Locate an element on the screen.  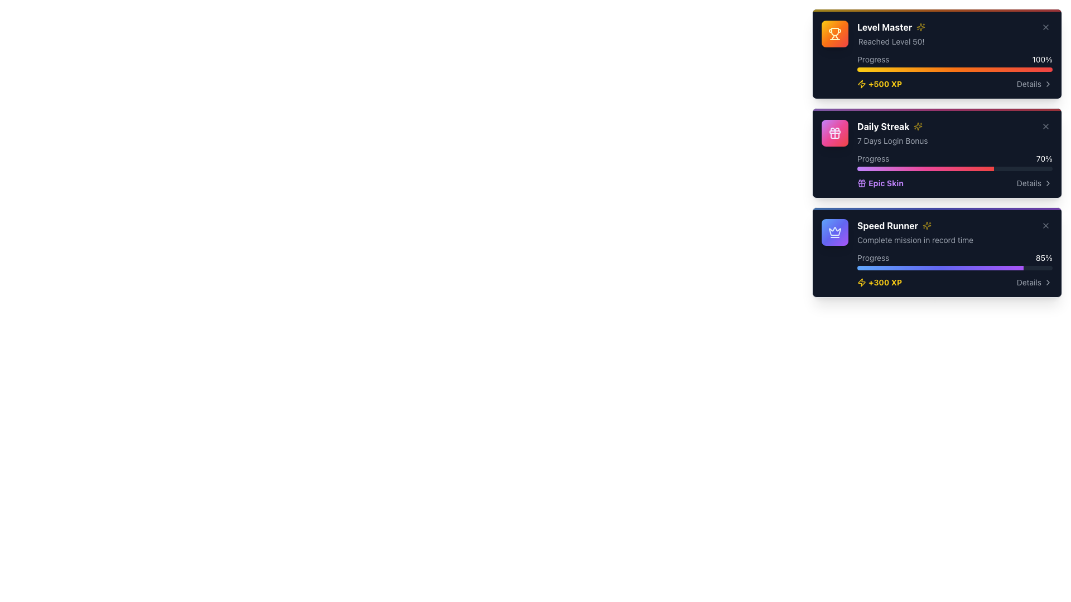
the link or button in the bottom-right corner of the 'Epic Skin' block to observe the color transition is located at coordinates (1034, 182).